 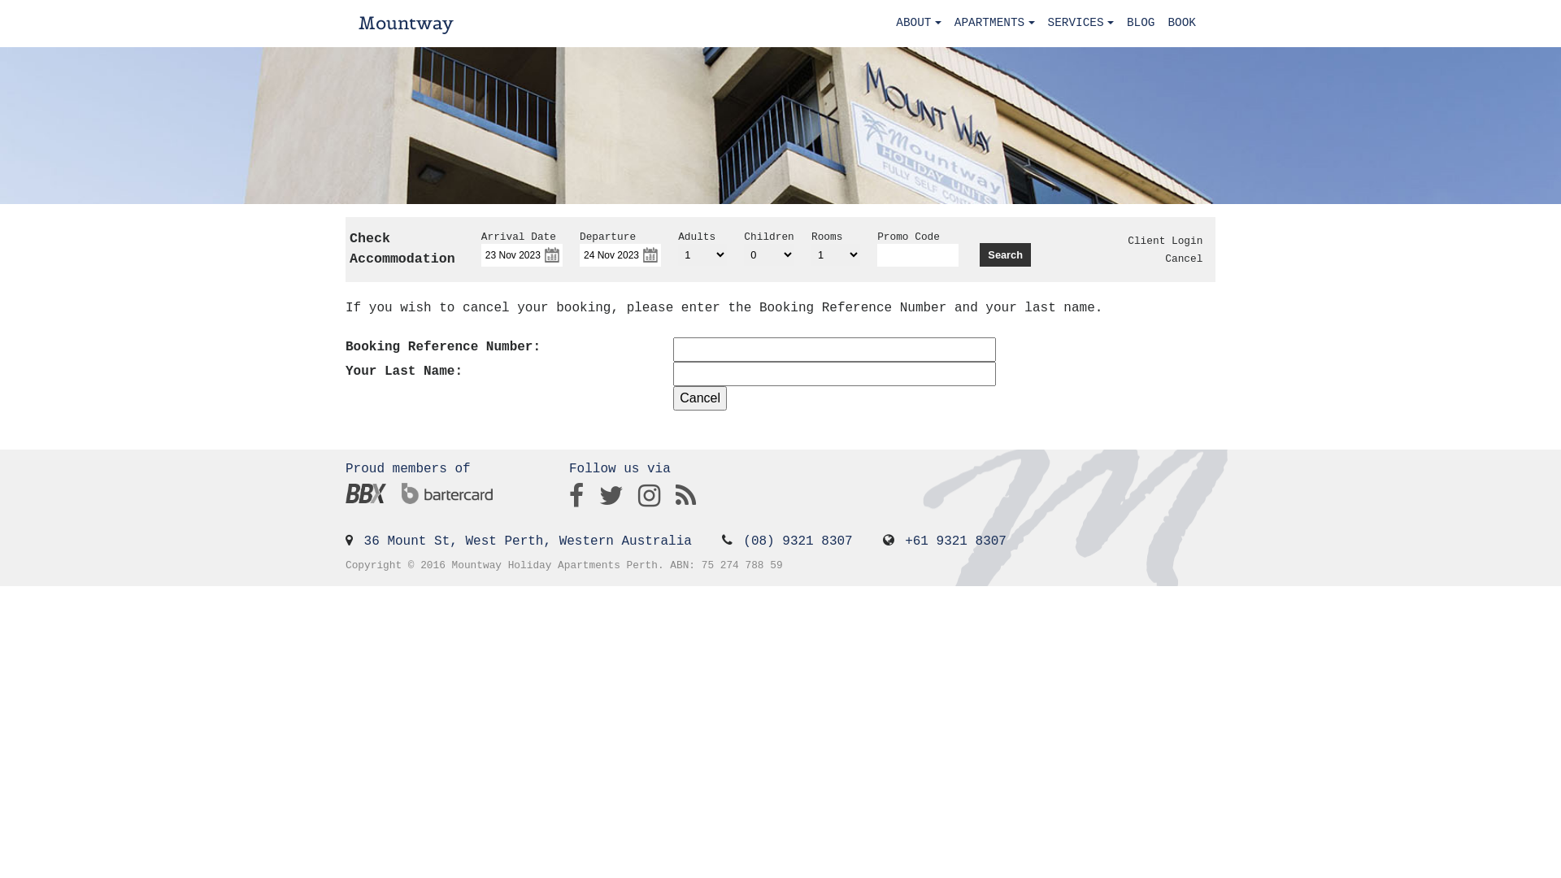 What do you see at coordinates (1181, 24) in the screenshot?
I see `'BOOK'` at bounding box center [1181, 24].